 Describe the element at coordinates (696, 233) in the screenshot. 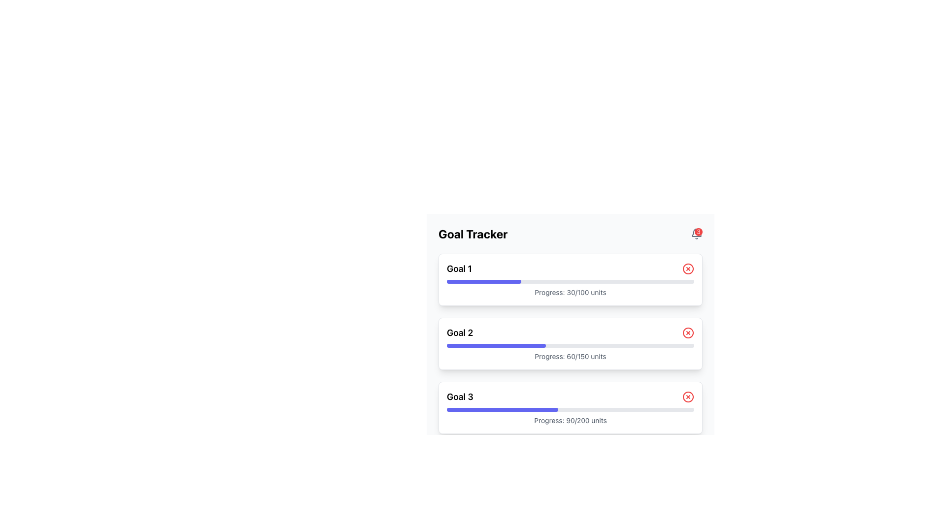

I see `the compact circular notification badge displaying '3' in white over a red background, located at the top-right corner of the bell icon` at that location.